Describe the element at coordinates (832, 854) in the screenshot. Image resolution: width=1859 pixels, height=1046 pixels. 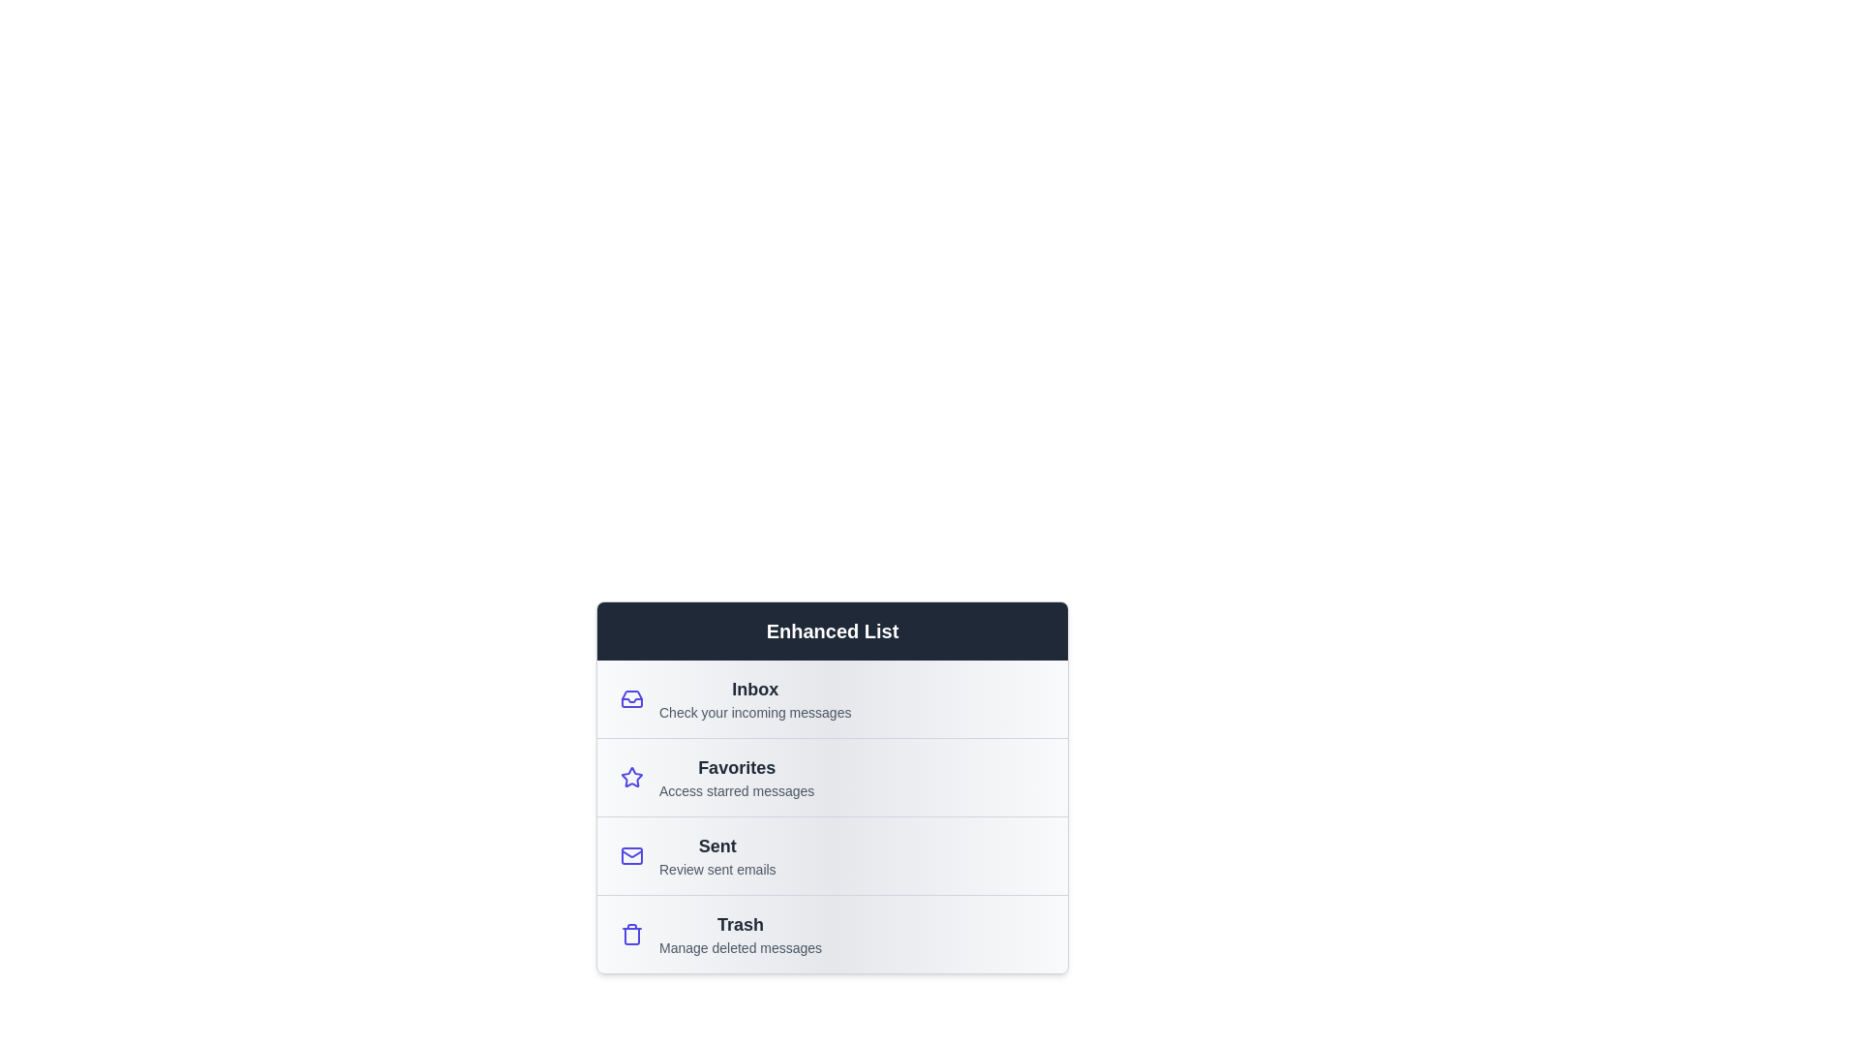
I see `the third item in the vertically aligned list, which is the 'Sent' section` at that location.